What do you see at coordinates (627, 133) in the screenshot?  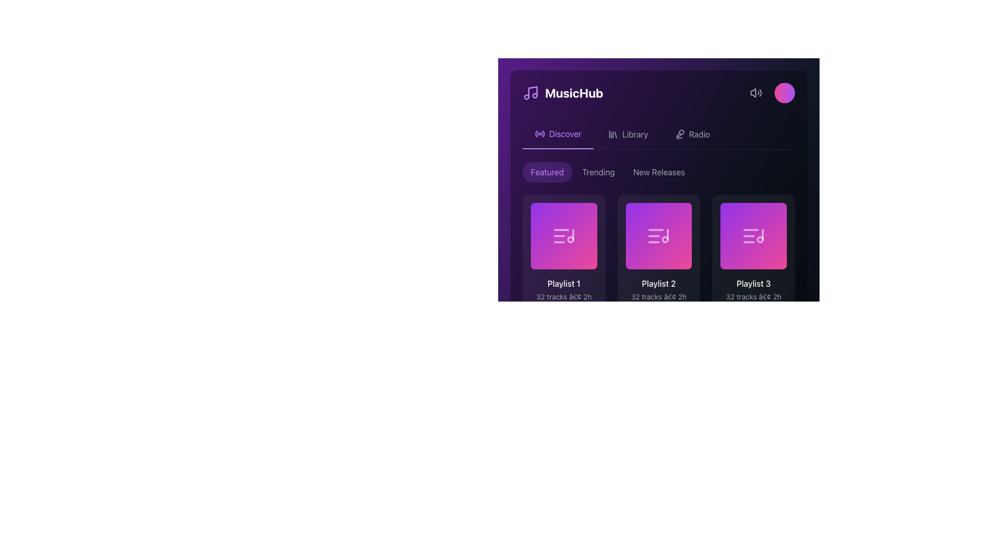 I see `the 'Library' menu item, which is the second option in the horizontal navigation menu and has an icon resembling a library stack followed by the label 'Library'` at bounding box center [627, 133].